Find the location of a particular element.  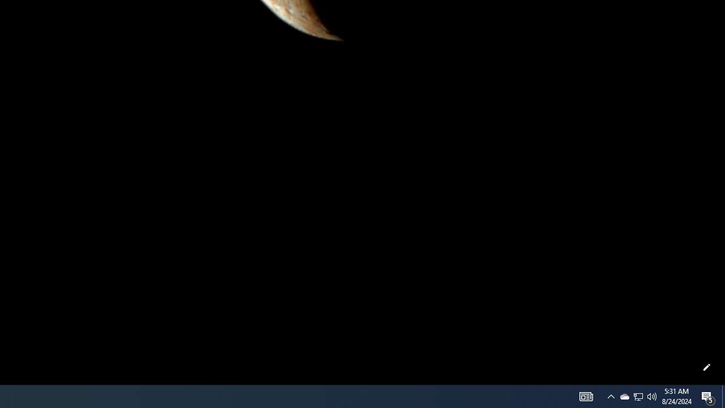

'Q2790: 100%' is located at coordinates (652, 396).